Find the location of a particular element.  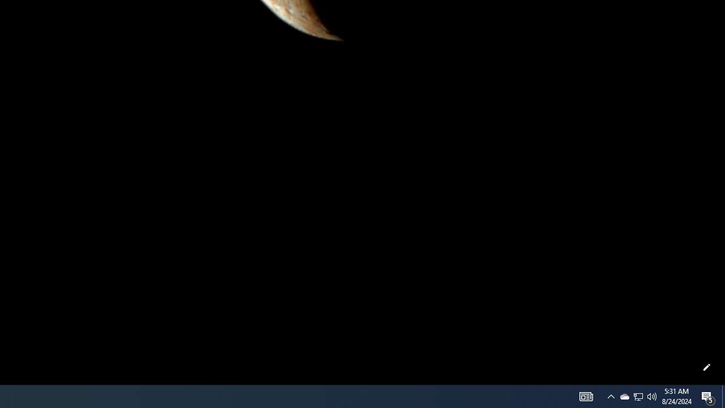

'Q2790: 100%' is located at coordinates (652, 396).